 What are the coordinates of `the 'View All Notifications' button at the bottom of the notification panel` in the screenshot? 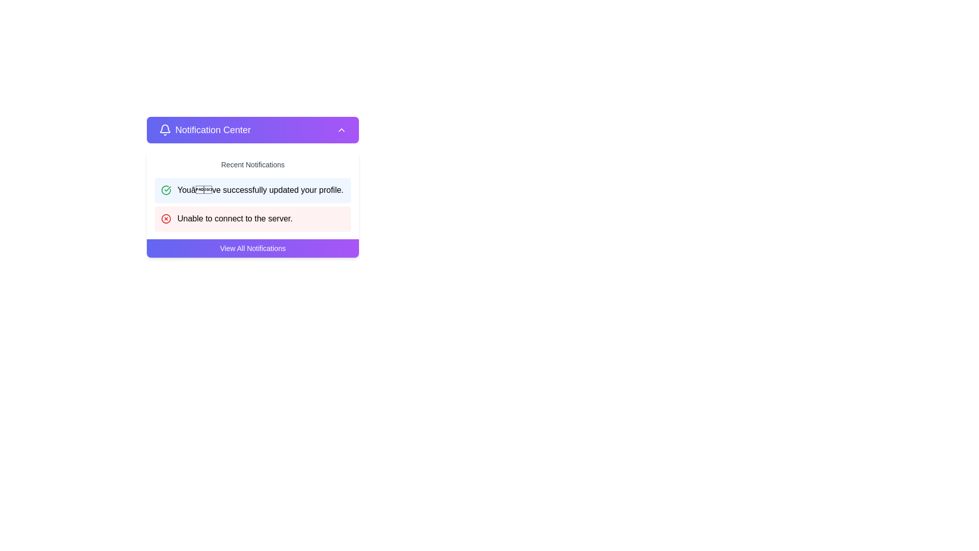 It's located at (252, 248).